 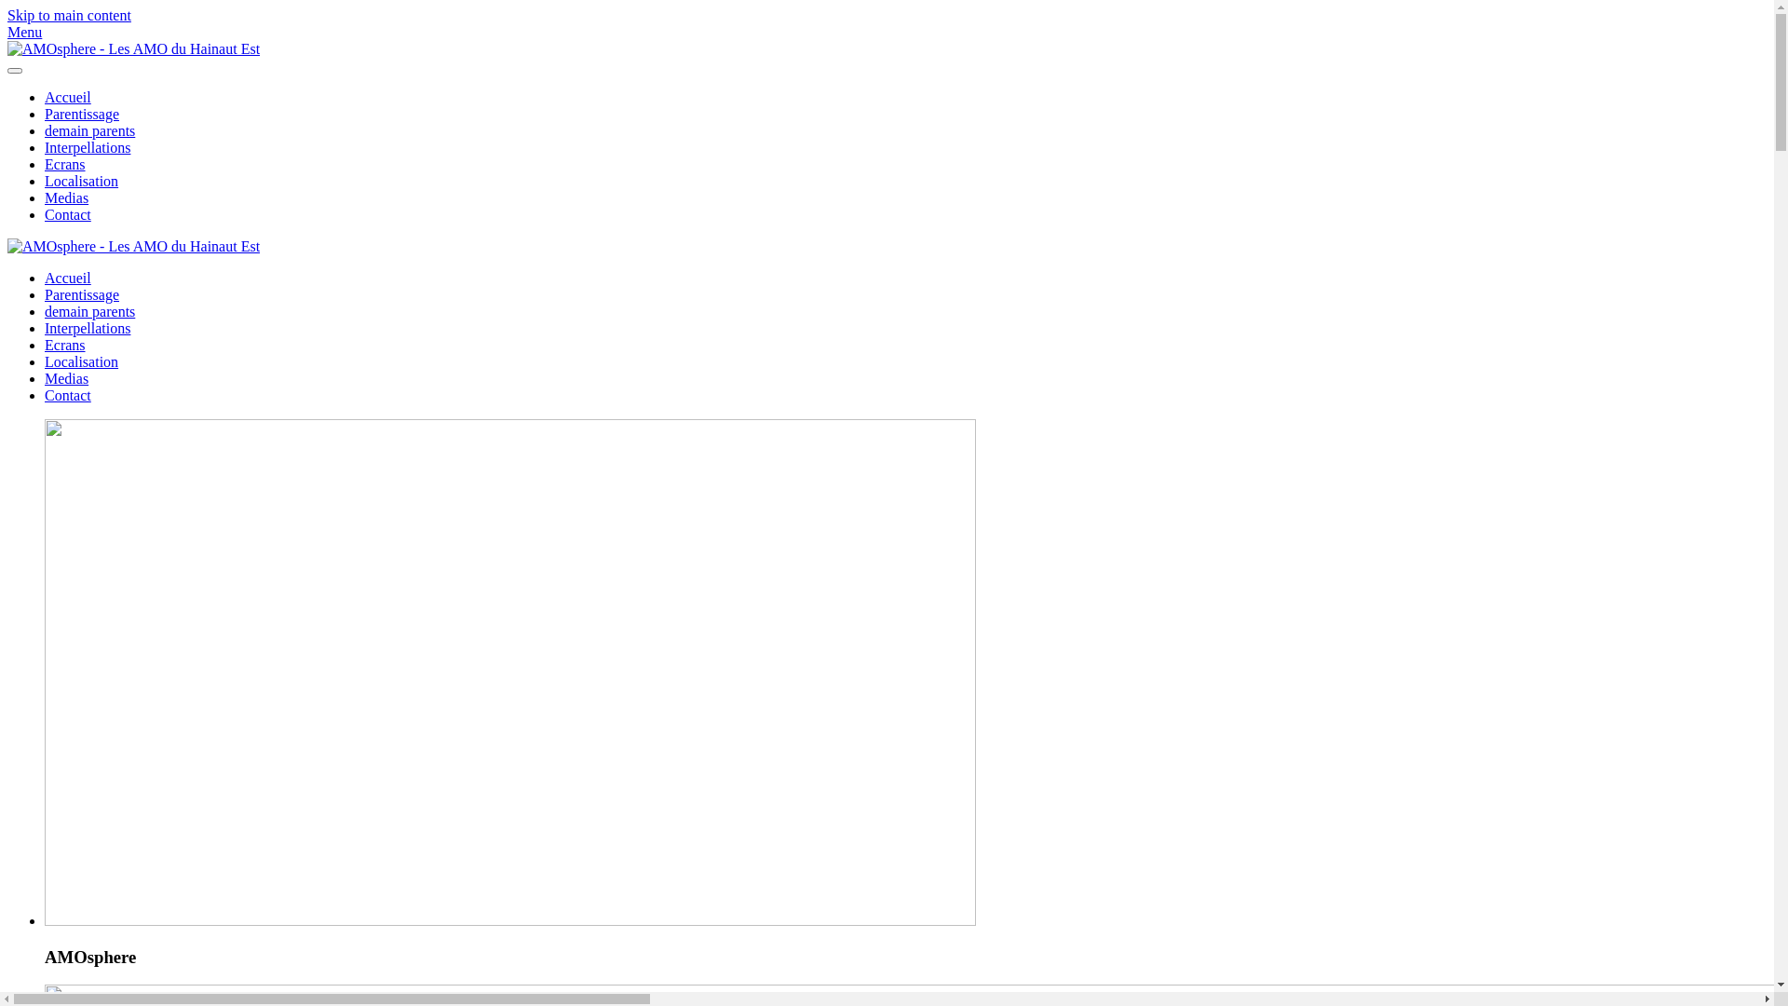 What do you see at coordinates (66, 377) in the screenshot?
I see `'Medias'` at bounding box center [66, 377].